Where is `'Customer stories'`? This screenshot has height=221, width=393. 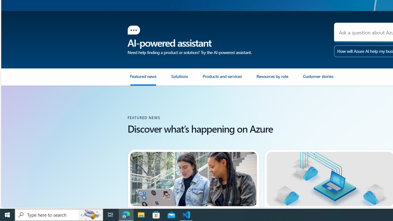 'Customer stories' is located at coordinates (325, 79).